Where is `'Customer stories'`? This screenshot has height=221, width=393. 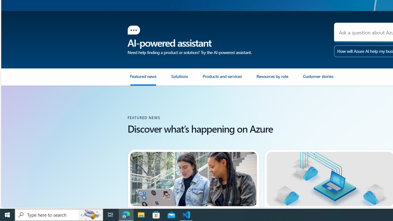 'Customer stories' is located at coordinates (325, 79).